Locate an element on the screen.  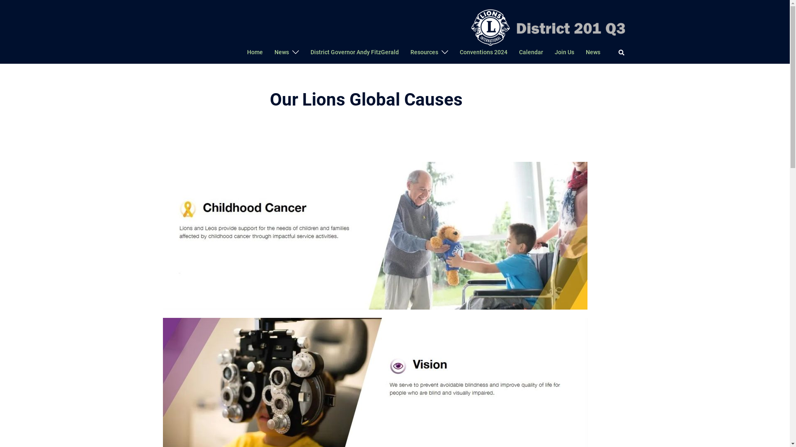
'District 201 Q3' is located at coordinates (546, 26).